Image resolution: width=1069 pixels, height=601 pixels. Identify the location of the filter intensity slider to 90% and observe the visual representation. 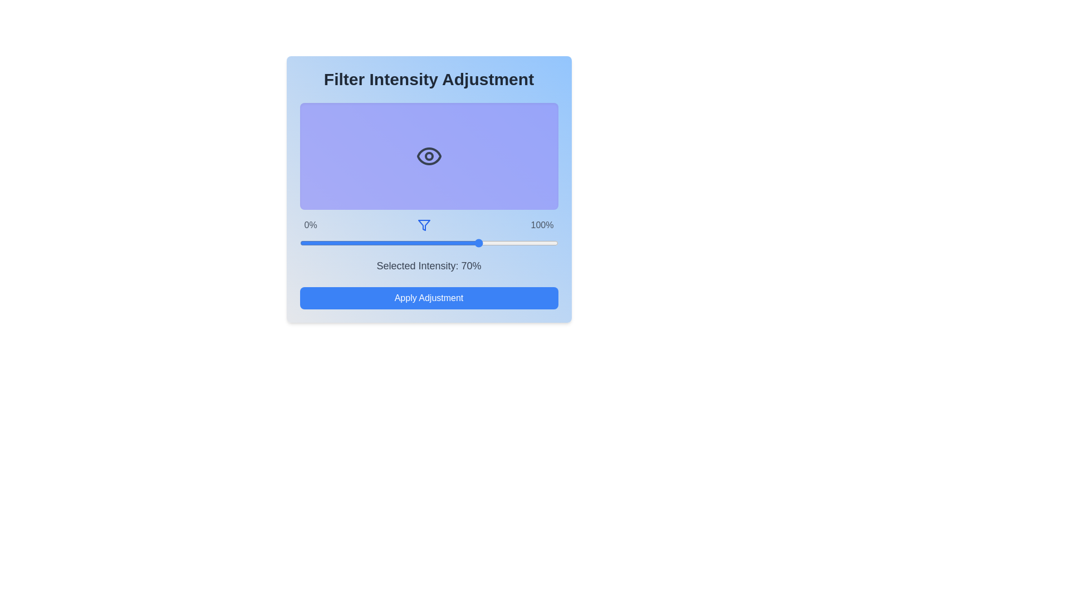
(532, 242).